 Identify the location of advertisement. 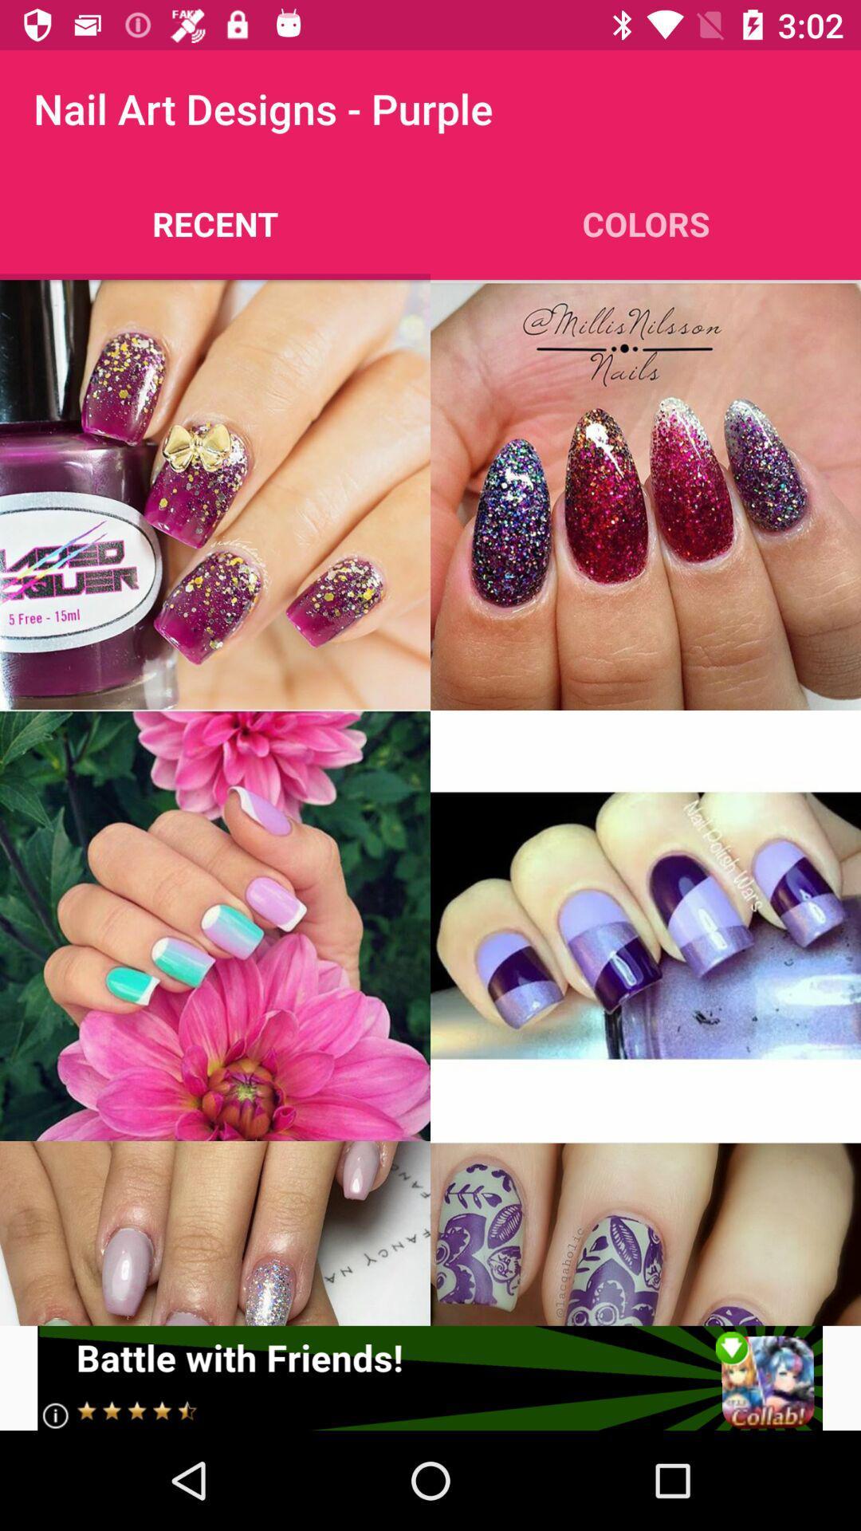
(429, 1377).